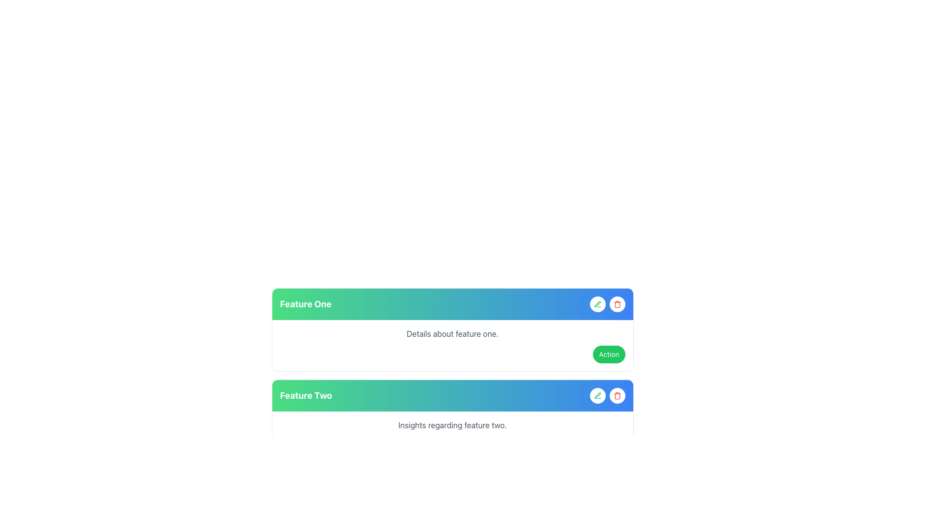 This screenshot has width=944, height=531. Describe the element at coordinates (452, 333) in the screenshot. I see `the static text label providing information for 'Feature One', located in the white panel above the action button labeled 'Action'` at that location.